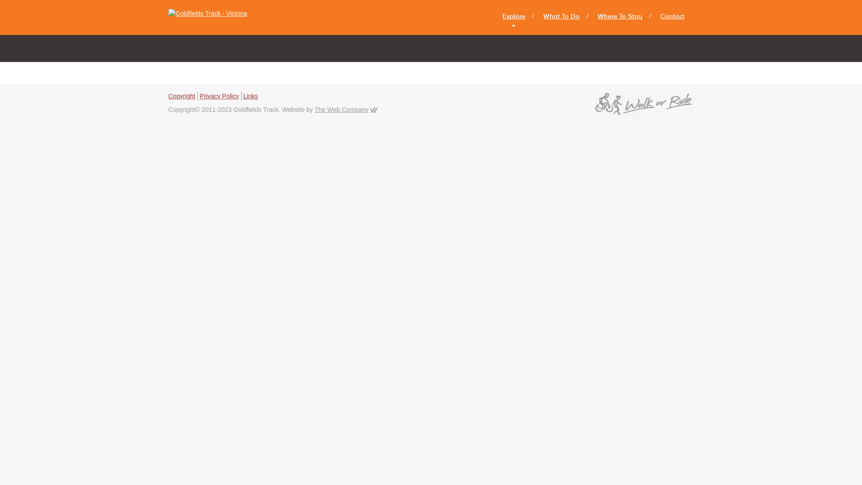 The image size is (862, 485). I want to click on 'The Web Company', so click(341, 109).